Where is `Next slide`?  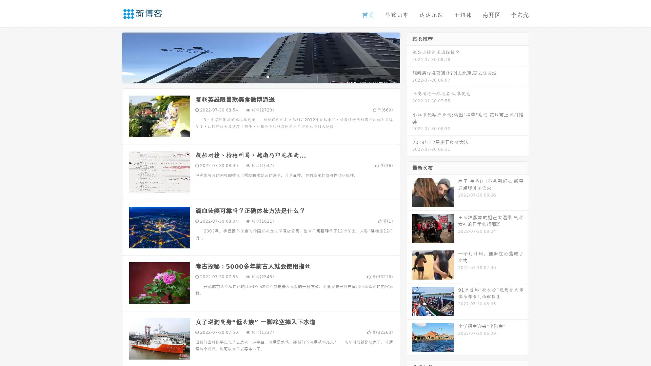 Next slide is located at coordinates (410, 57).